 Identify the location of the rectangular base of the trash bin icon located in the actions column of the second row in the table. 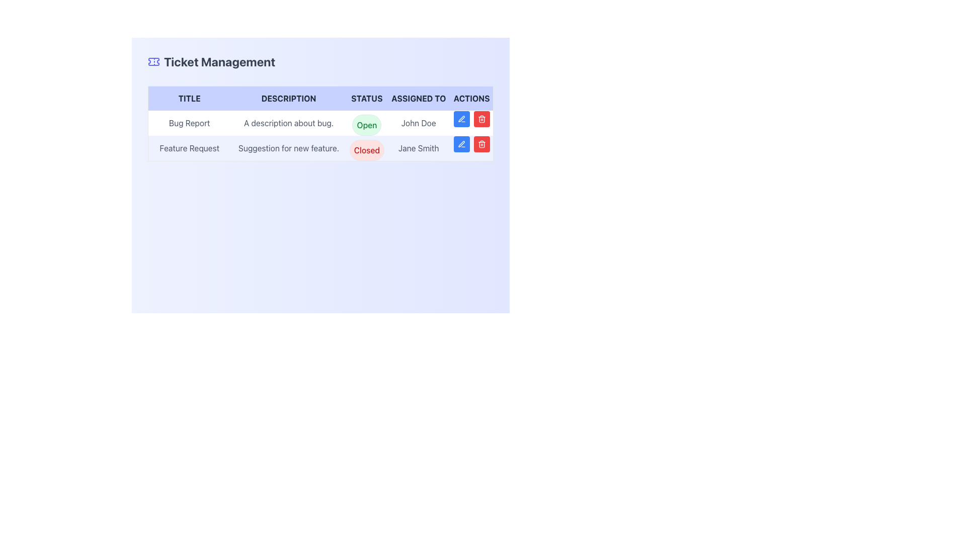
(481, 119).